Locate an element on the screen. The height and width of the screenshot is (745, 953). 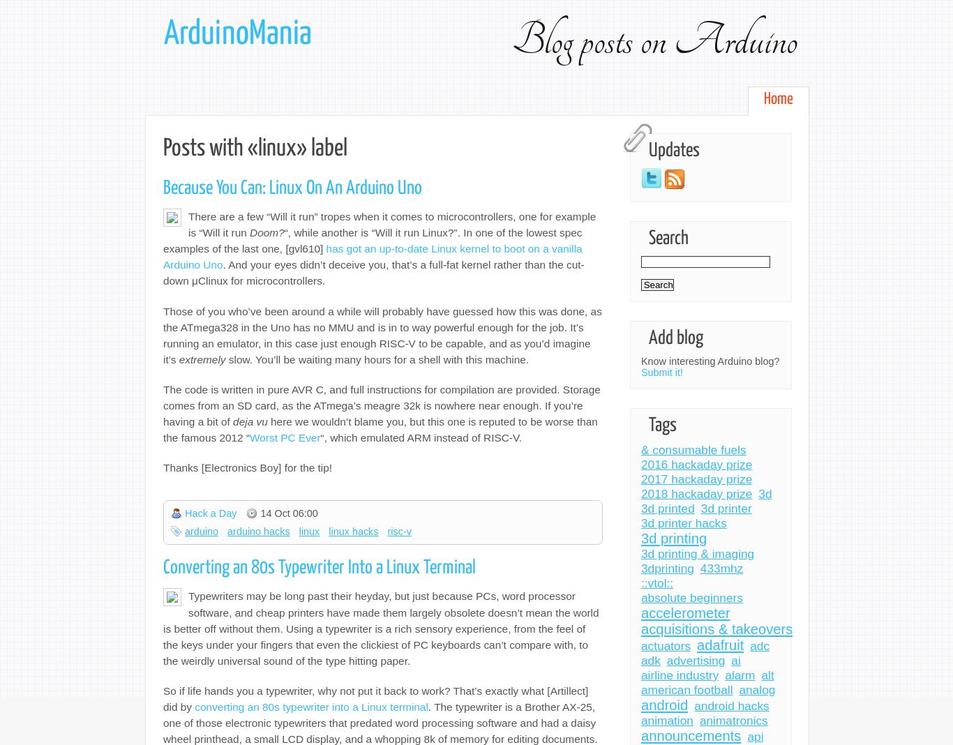
'advertising' is located at coordinates (696, 660).